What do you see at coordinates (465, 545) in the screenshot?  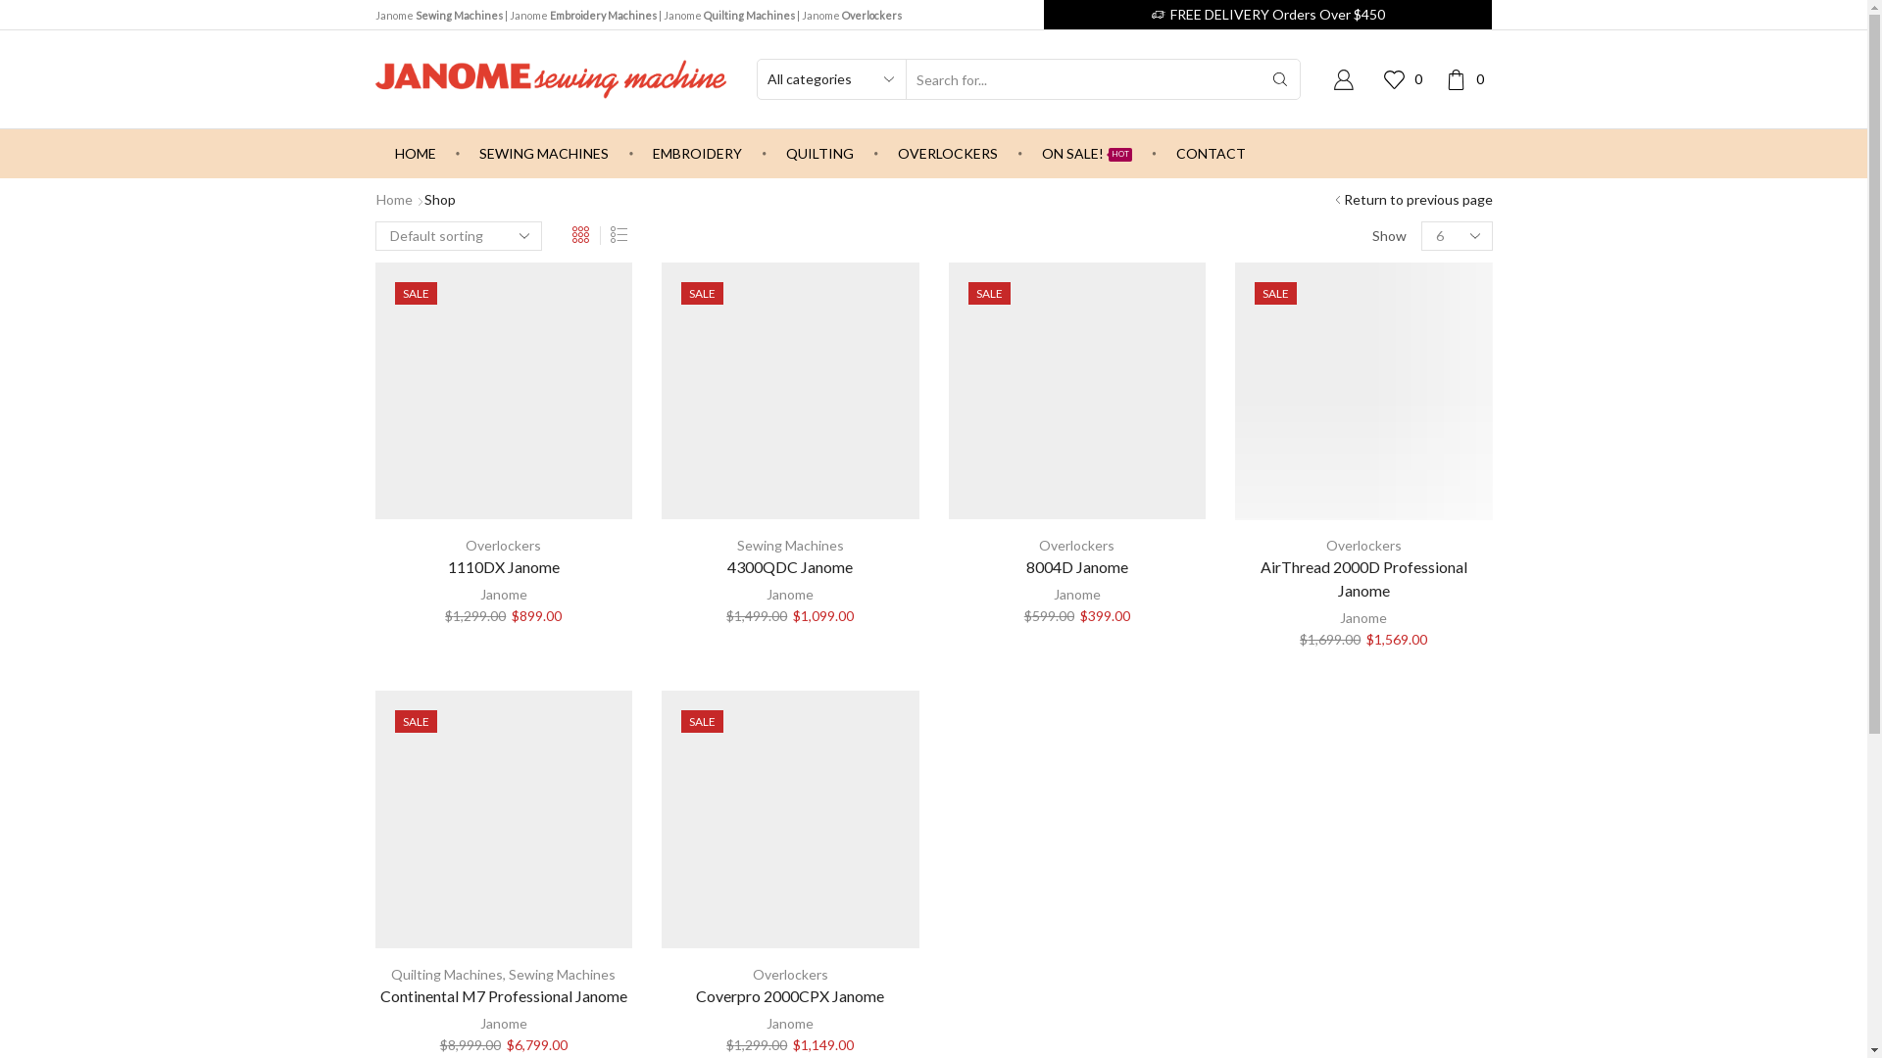 I see `'Overlockers'` at bounding box center [465, 545].